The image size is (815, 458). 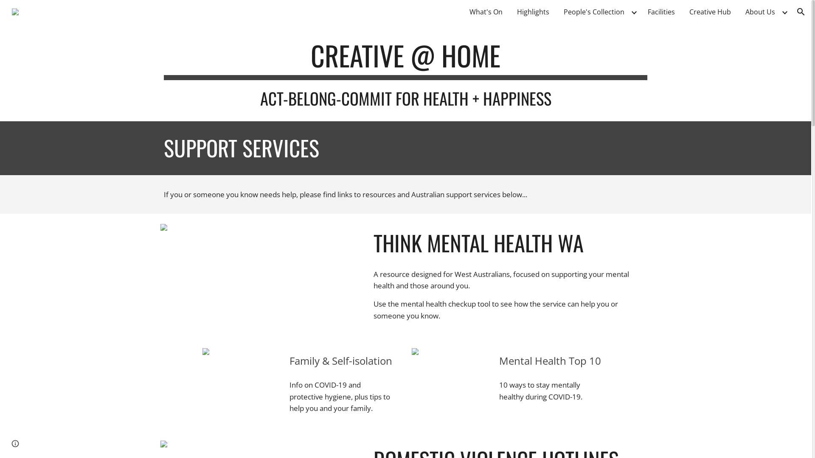 I want to click on 'What's On', so click(x=486, y=11).